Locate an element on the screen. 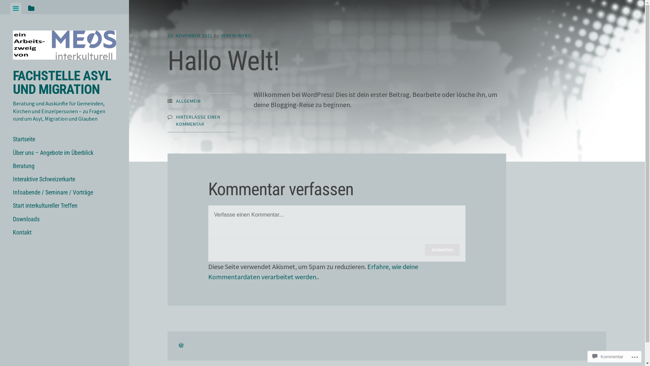  'HINTERLASSE EINEN KOMMENTAR' is located at coordinates (198, 120).